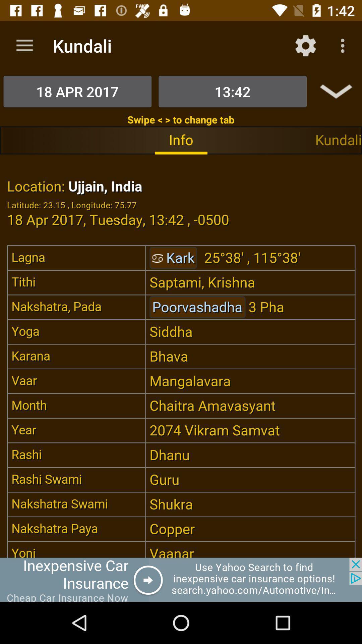  I want to click on pop-up advertisement, so click(181, 579).